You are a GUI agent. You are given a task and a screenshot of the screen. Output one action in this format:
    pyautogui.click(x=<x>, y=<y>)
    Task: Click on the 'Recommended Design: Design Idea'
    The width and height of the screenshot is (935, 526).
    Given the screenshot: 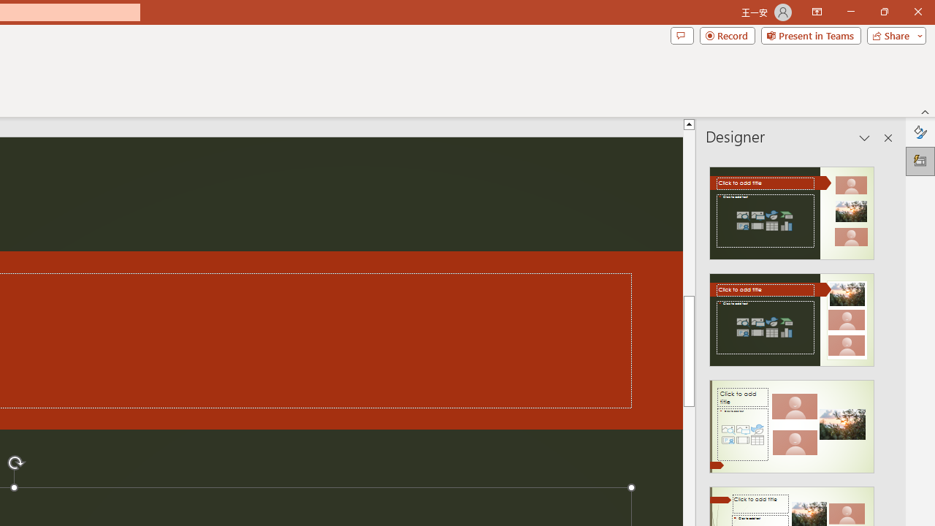 What is the action you would take?
    pyautogui.click(x=791, y=209)
    